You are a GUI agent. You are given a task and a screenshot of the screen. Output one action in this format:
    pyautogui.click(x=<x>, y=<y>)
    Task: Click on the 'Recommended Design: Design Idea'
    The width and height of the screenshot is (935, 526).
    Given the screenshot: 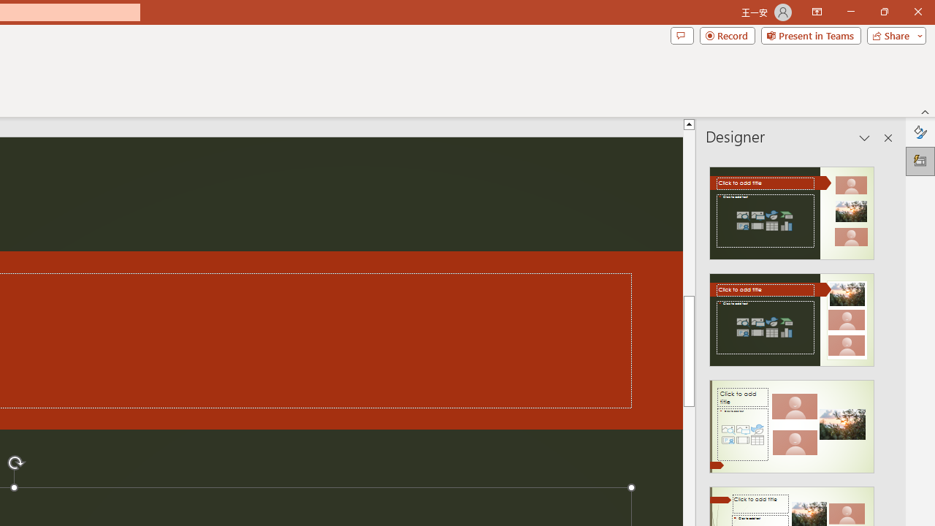 What is the action you would take?
    pyautogui.click(x=791, y=209)
    